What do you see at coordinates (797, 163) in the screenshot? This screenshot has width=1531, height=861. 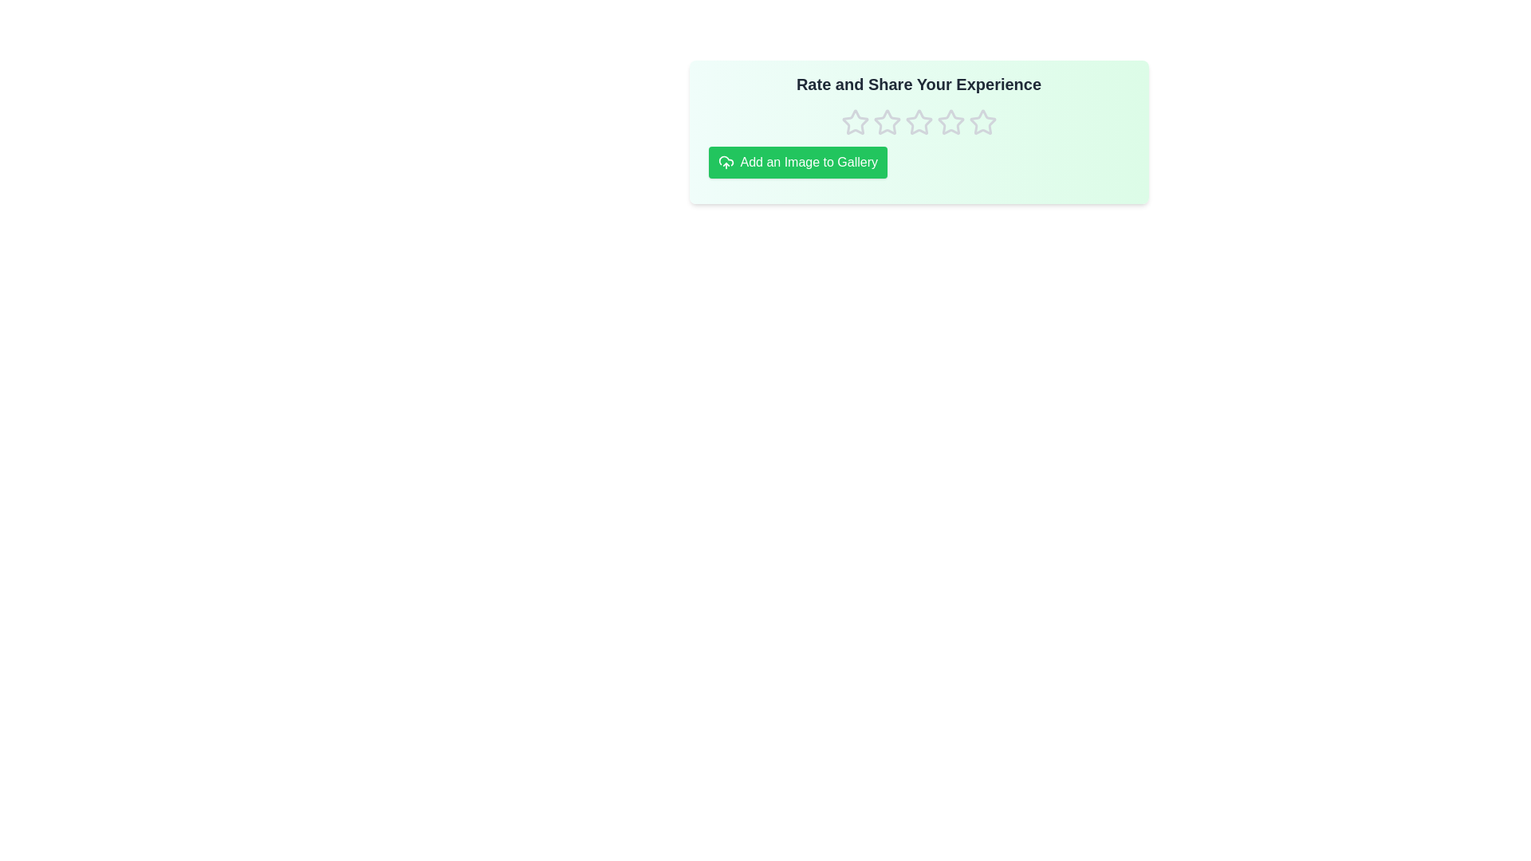 I see `'Add an Image to Gallery' button to add an image to the gallery` at bounding box center [797, 163].